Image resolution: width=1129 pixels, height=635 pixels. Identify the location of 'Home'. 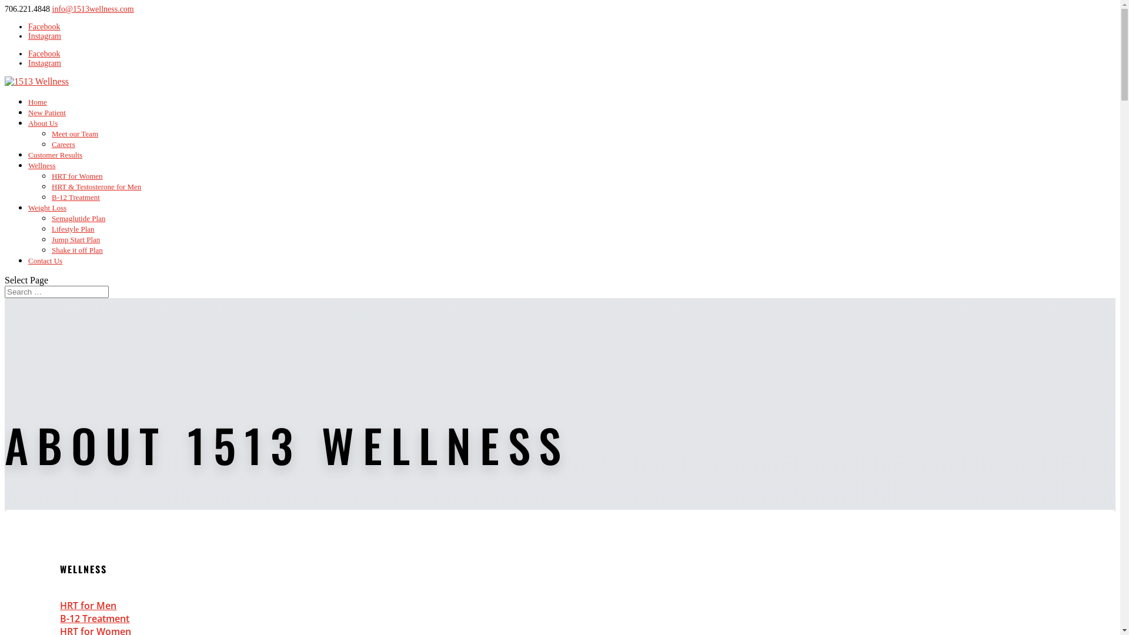
(37, 101).